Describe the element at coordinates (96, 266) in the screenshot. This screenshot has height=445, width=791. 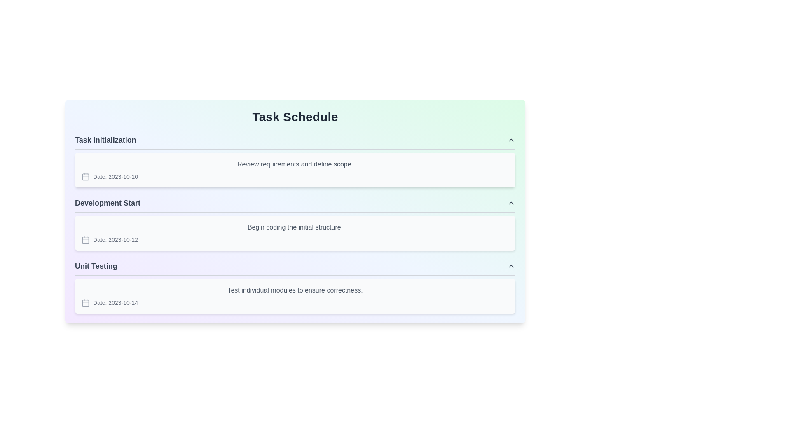
I see `the text label displaying 'Unit Testing' in a bold font style, located in the third group of the structured task schedule interface` at that location.